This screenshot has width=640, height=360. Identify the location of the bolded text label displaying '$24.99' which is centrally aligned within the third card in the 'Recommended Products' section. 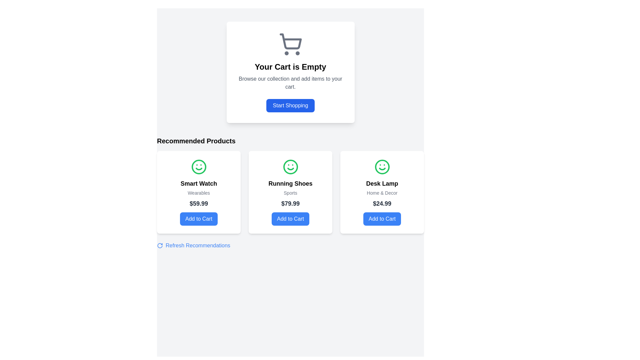
(382, 203).